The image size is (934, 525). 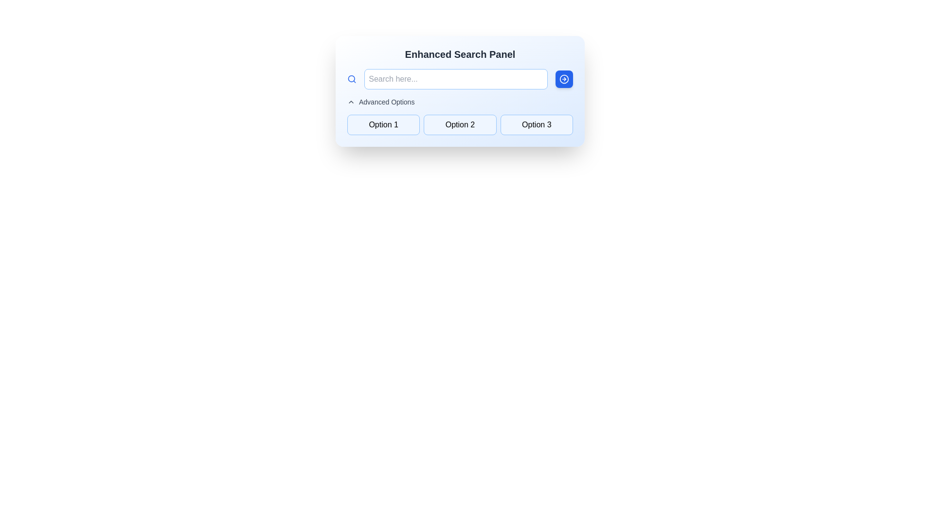 I want to click on the text label located underneath the search bar and beside the caret icon, so click(x=386, y=102).